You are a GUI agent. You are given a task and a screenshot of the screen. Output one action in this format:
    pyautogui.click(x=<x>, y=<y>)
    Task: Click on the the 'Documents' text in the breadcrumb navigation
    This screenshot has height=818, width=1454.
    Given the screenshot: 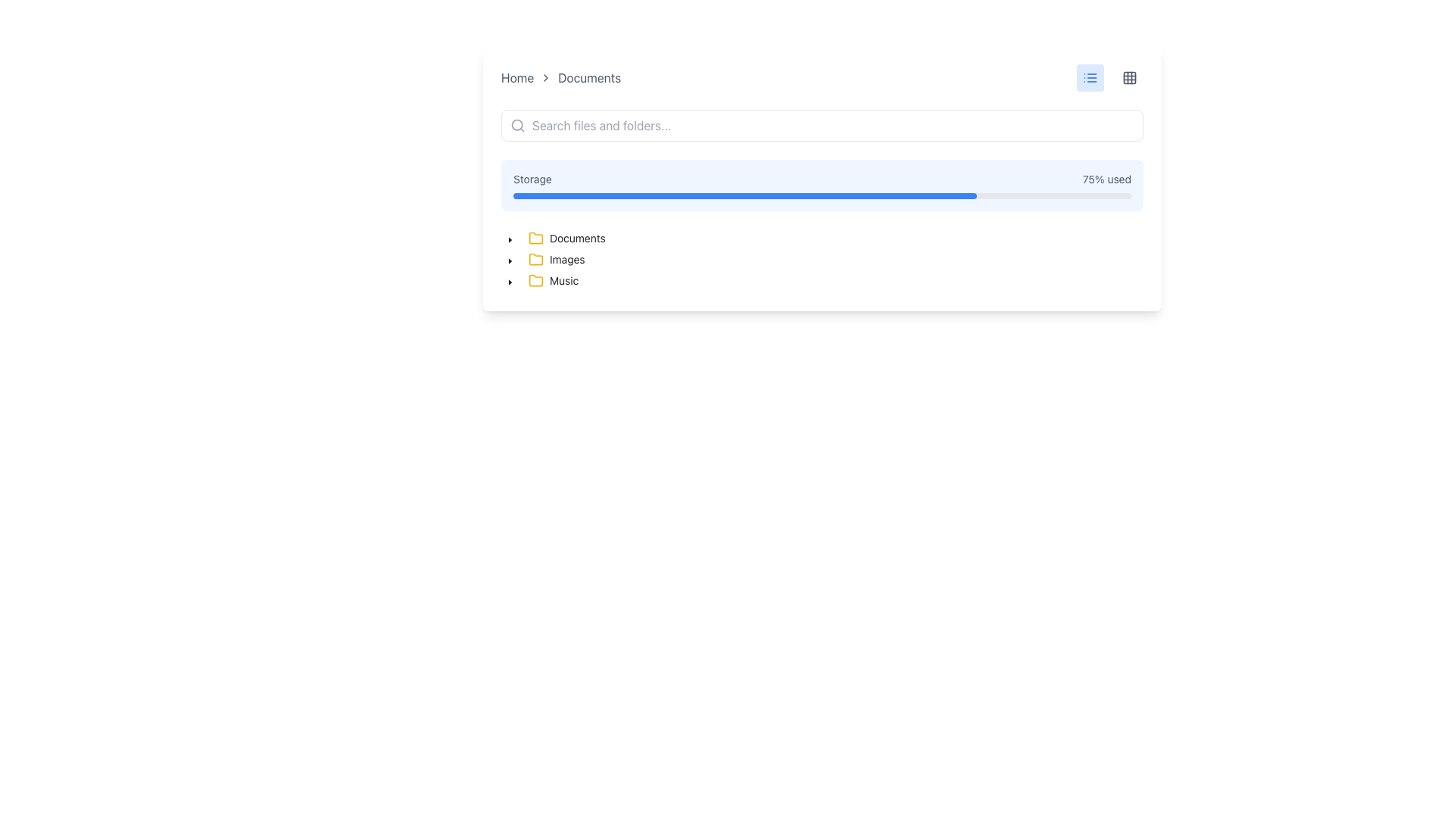 What is the action you would take?
    pyautogui.click(x=588, y=78)
    